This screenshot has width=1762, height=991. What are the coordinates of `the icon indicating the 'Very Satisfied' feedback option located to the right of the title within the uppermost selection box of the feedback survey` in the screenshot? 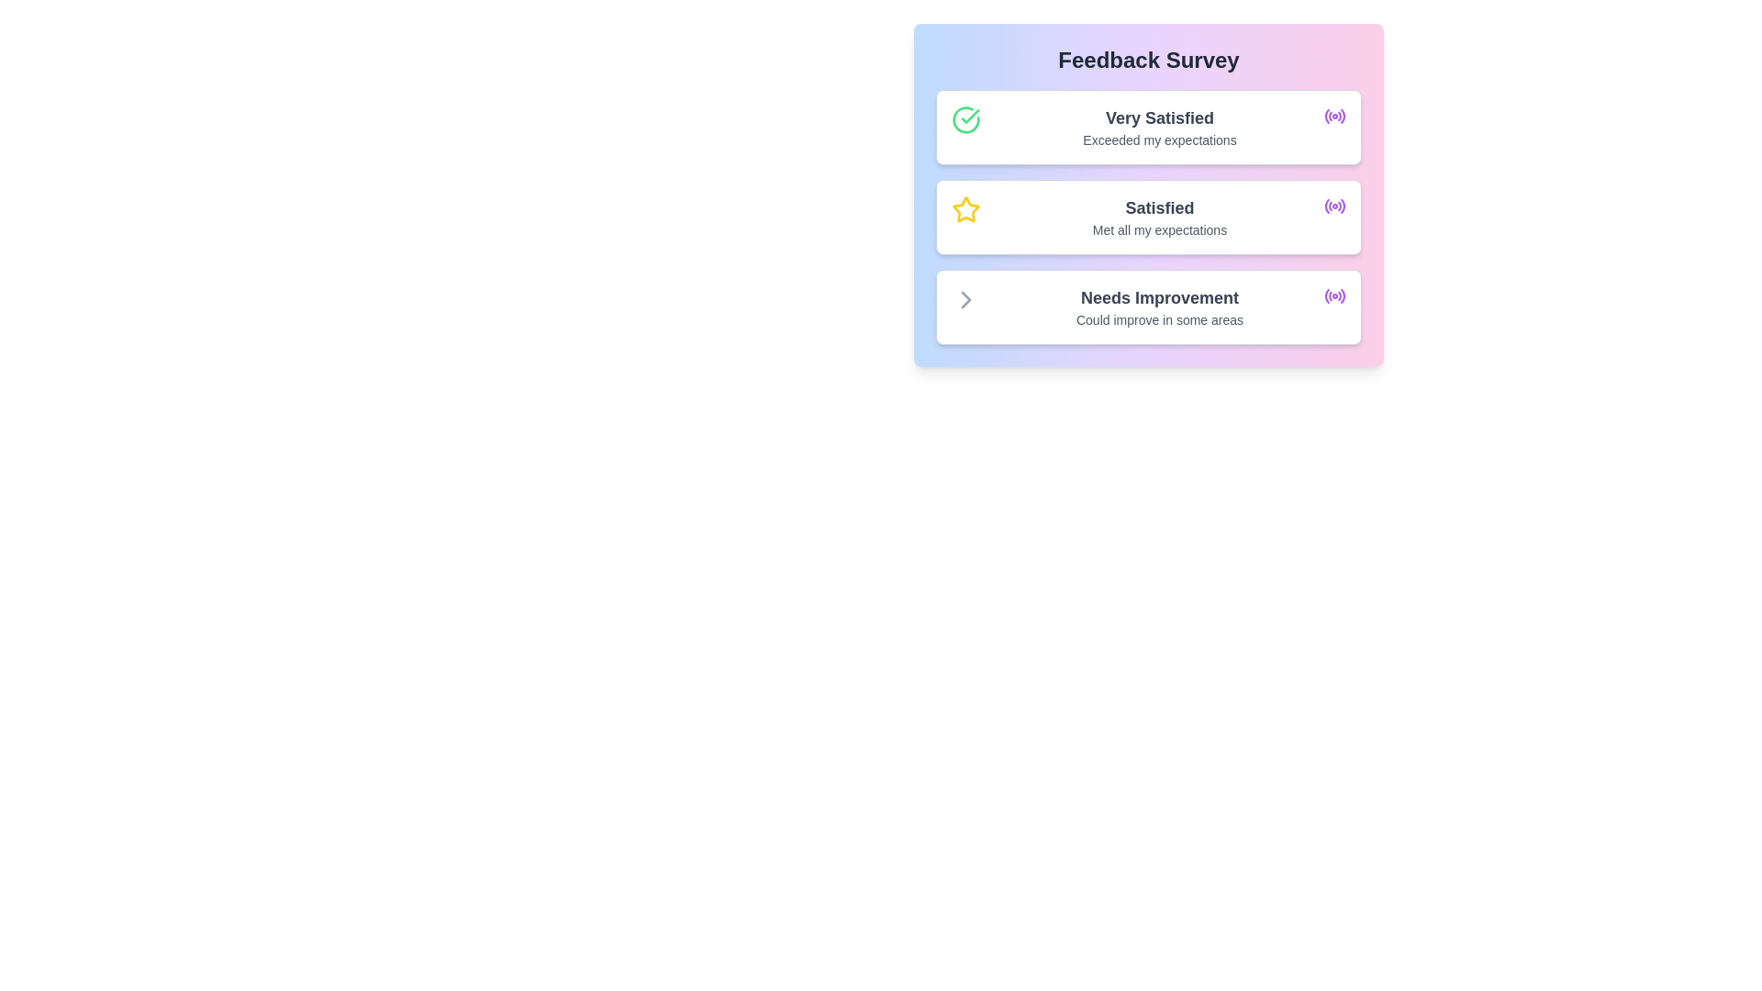 It's located at (1334, 117).